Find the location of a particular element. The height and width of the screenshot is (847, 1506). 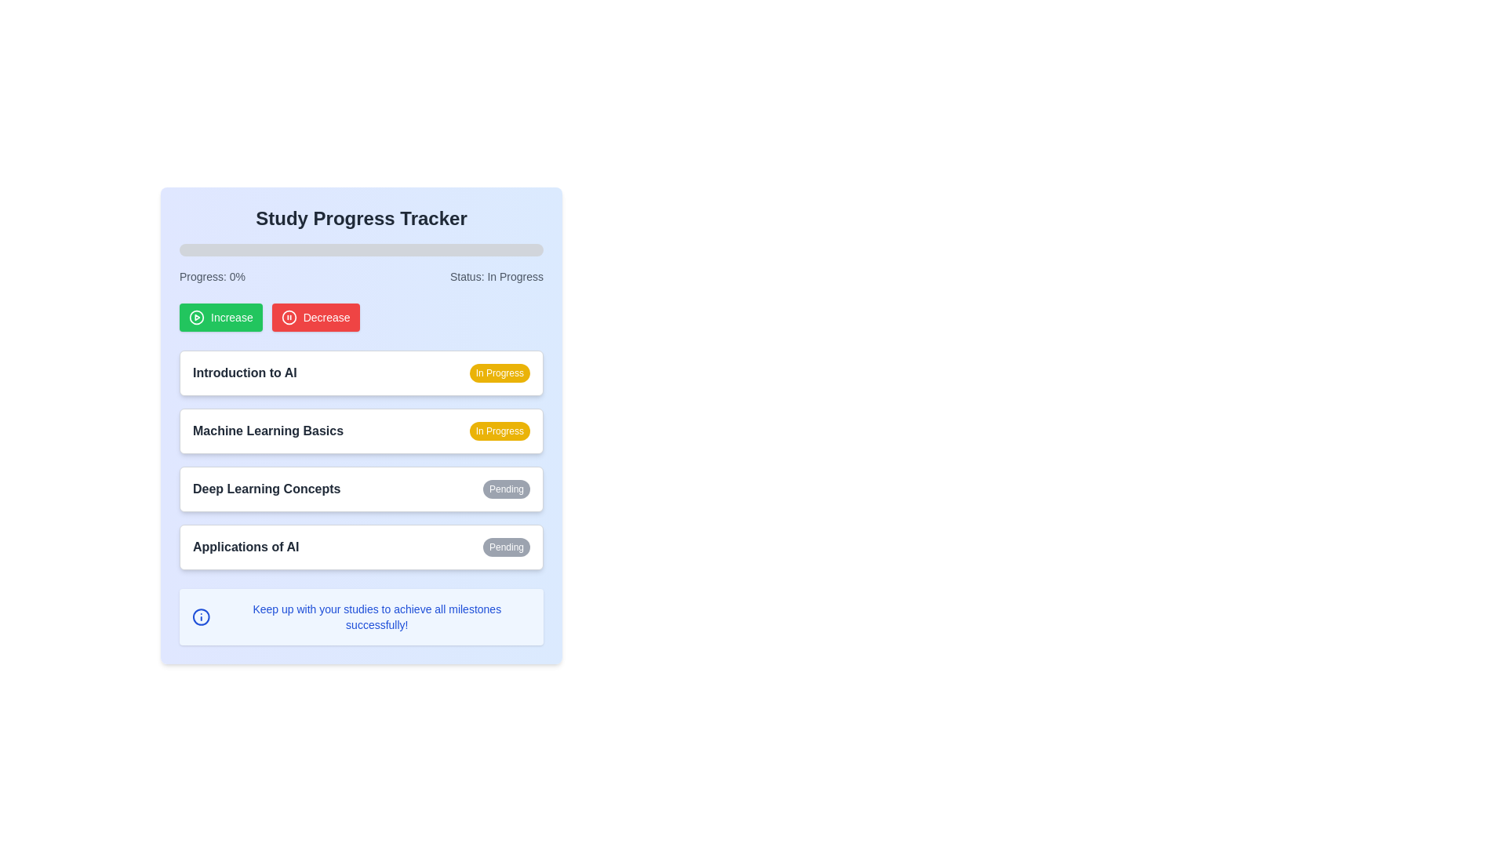

the rounded-pill shaped label with a gray background and white text displaying 'Pending', located on the right side of the 'Deep Learning Concepts' section is located at coordinates (506, 489).